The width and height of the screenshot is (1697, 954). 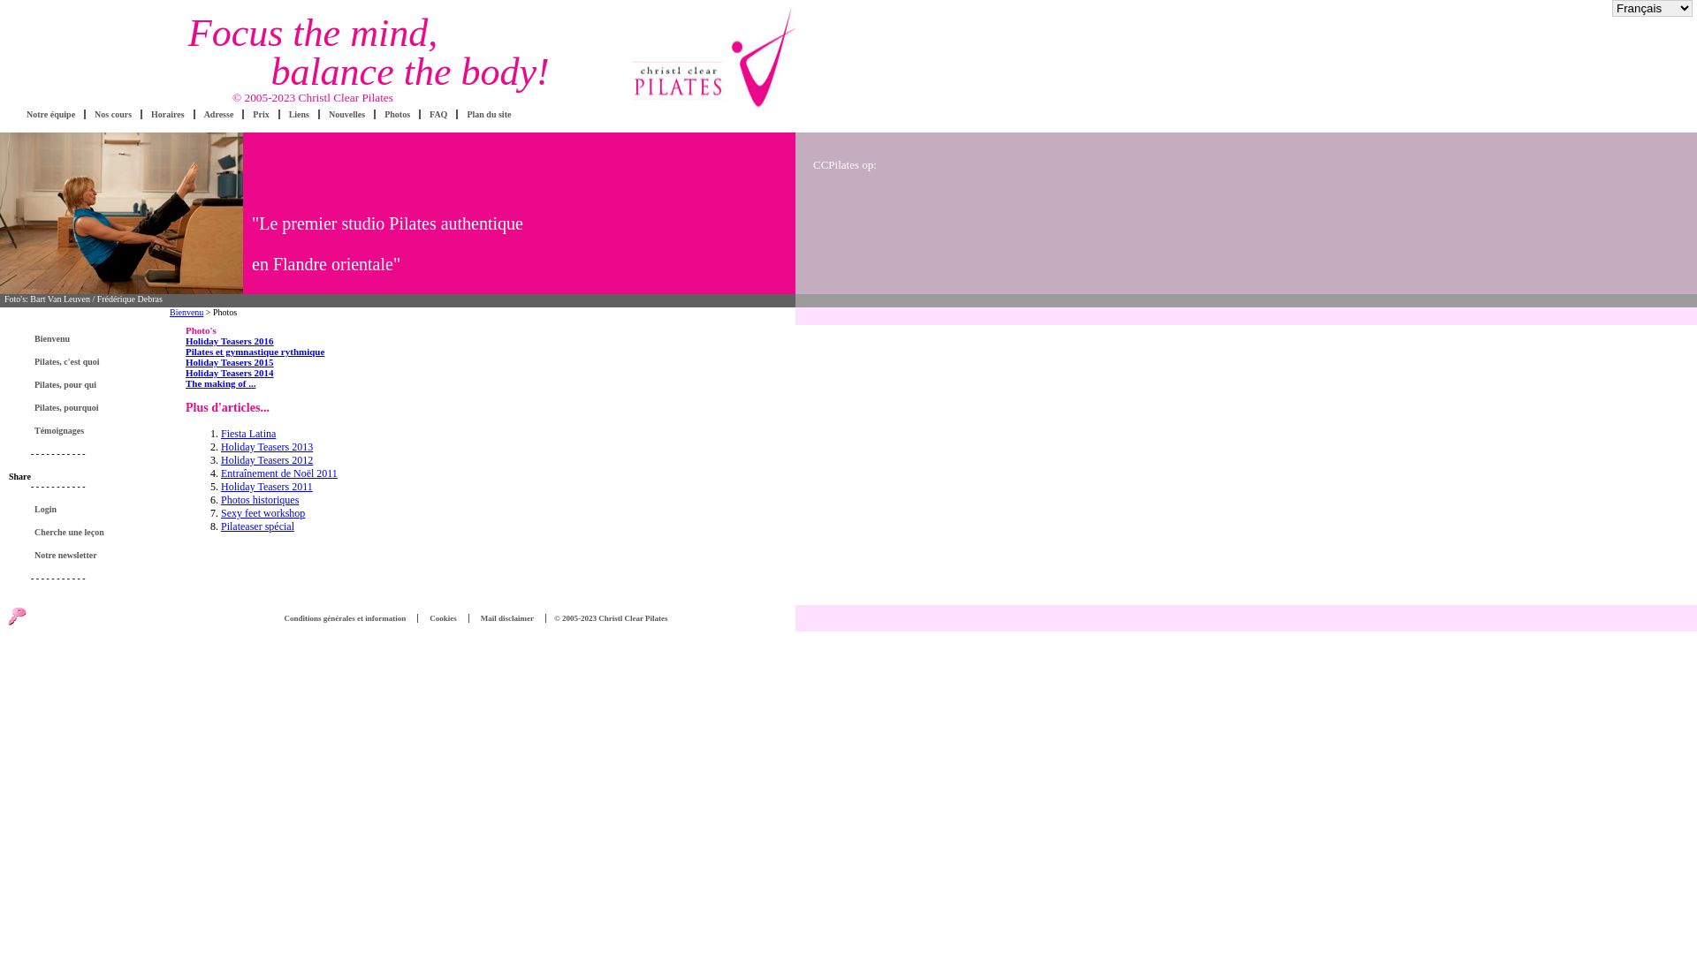 I want to click on 'Pilates, pour qui', so click(x=65, y=383).